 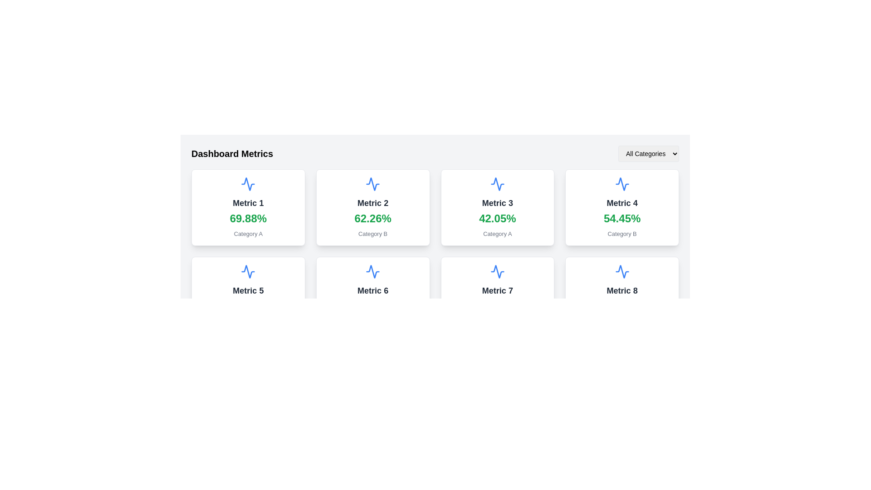 What do you see at coordinates (373, 233) in the screenshot?
I see `the Text label displaying the category for 'Metric 2' located at the bottom of its respective card in the Dashboard Metrics section` at bounding box center [373, 233].